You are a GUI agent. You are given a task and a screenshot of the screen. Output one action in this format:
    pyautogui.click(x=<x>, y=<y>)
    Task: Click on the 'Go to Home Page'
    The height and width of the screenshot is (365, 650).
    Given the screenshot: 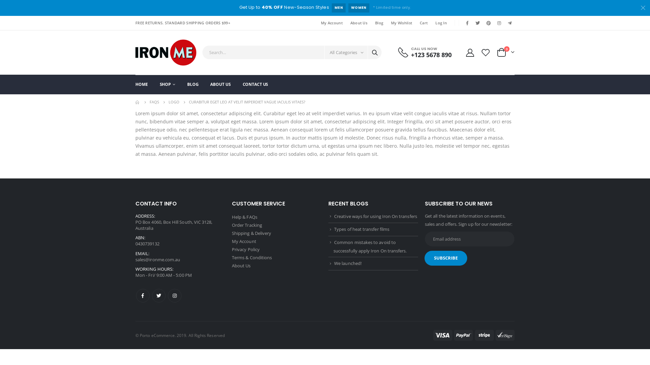 What is the action you would take?
    pyautogui.click(x=137, y=102)
    